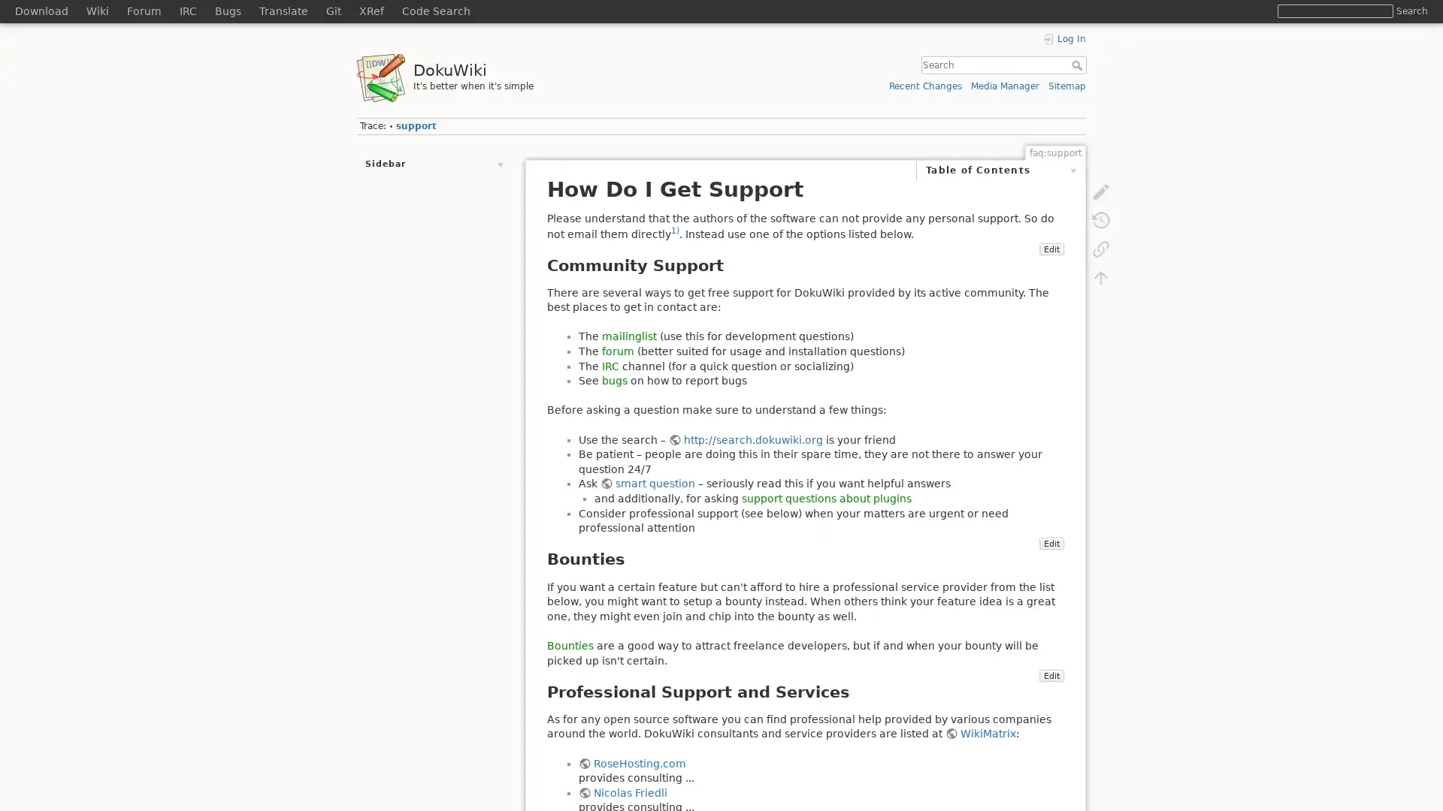  Describe the element at coordinates (1411, 11) in the screenshot. I see `Search` at that location.